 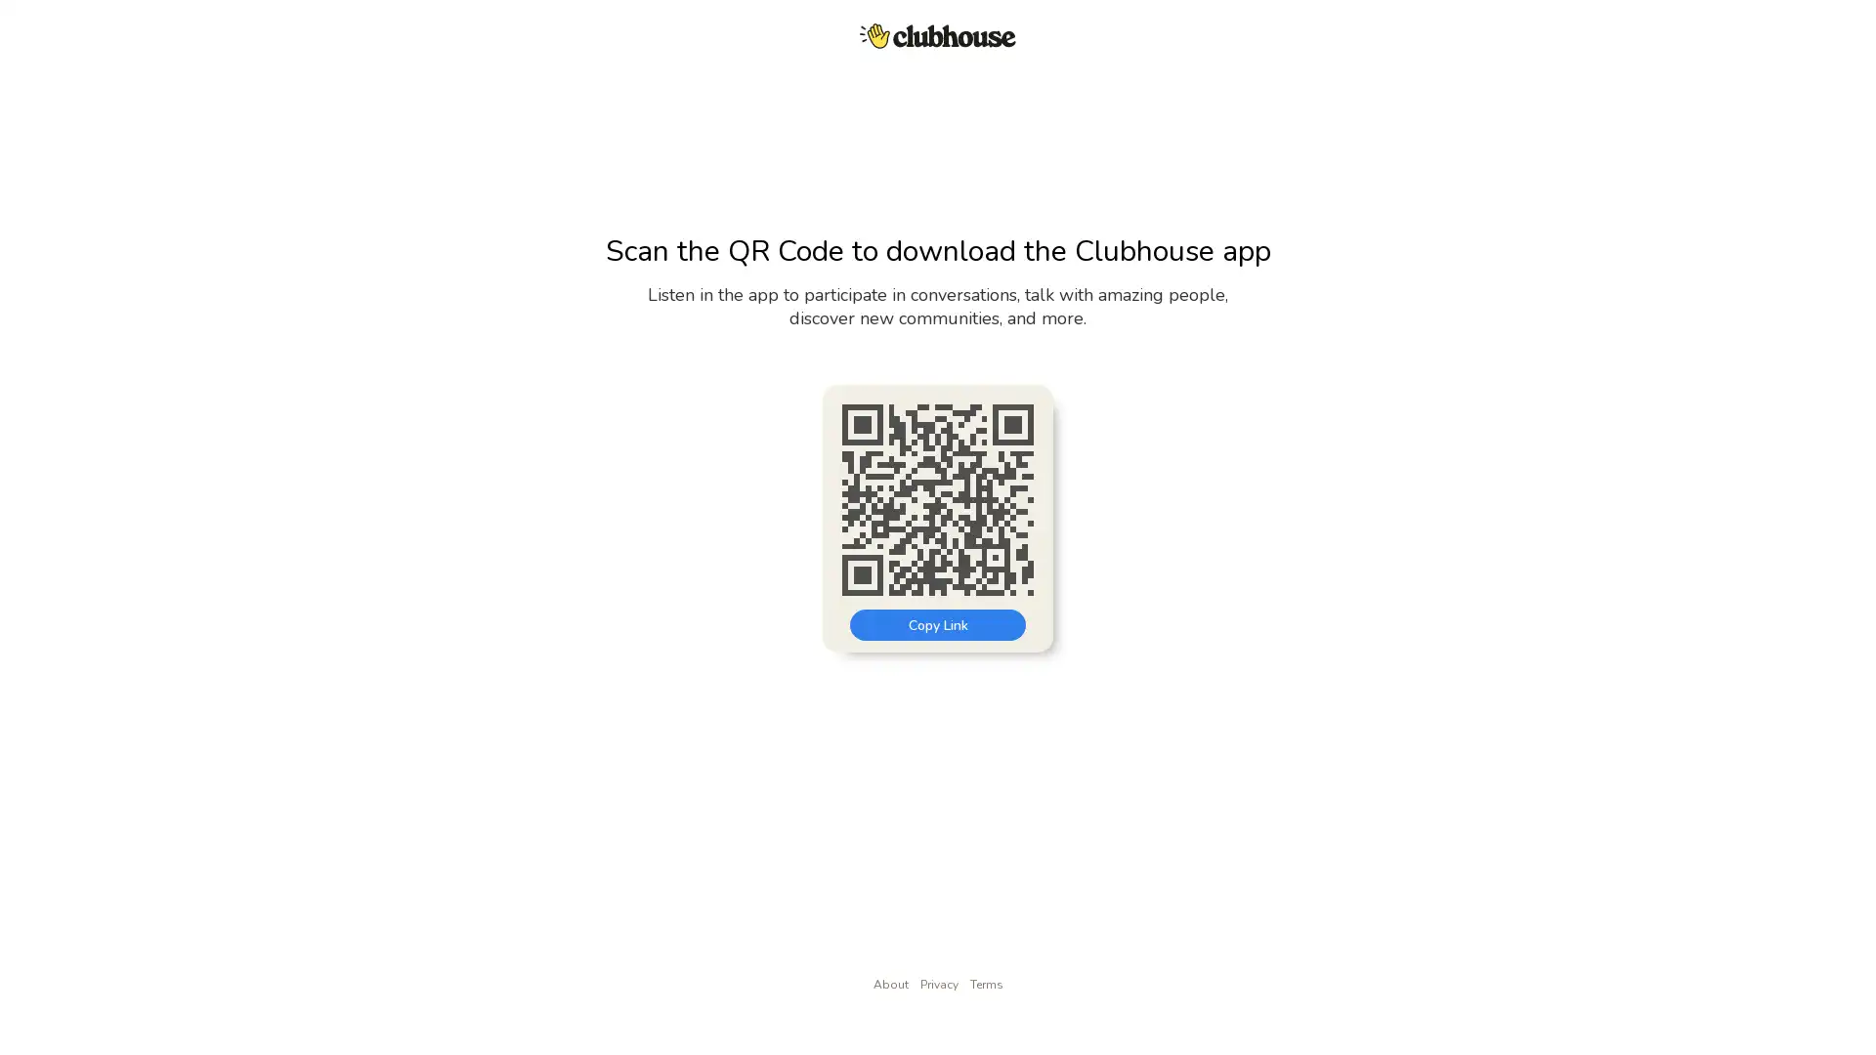 What do you see at coordinates (938, 625) in the screenshot?
I see `Copy Link` at bounding box center [938, 625].